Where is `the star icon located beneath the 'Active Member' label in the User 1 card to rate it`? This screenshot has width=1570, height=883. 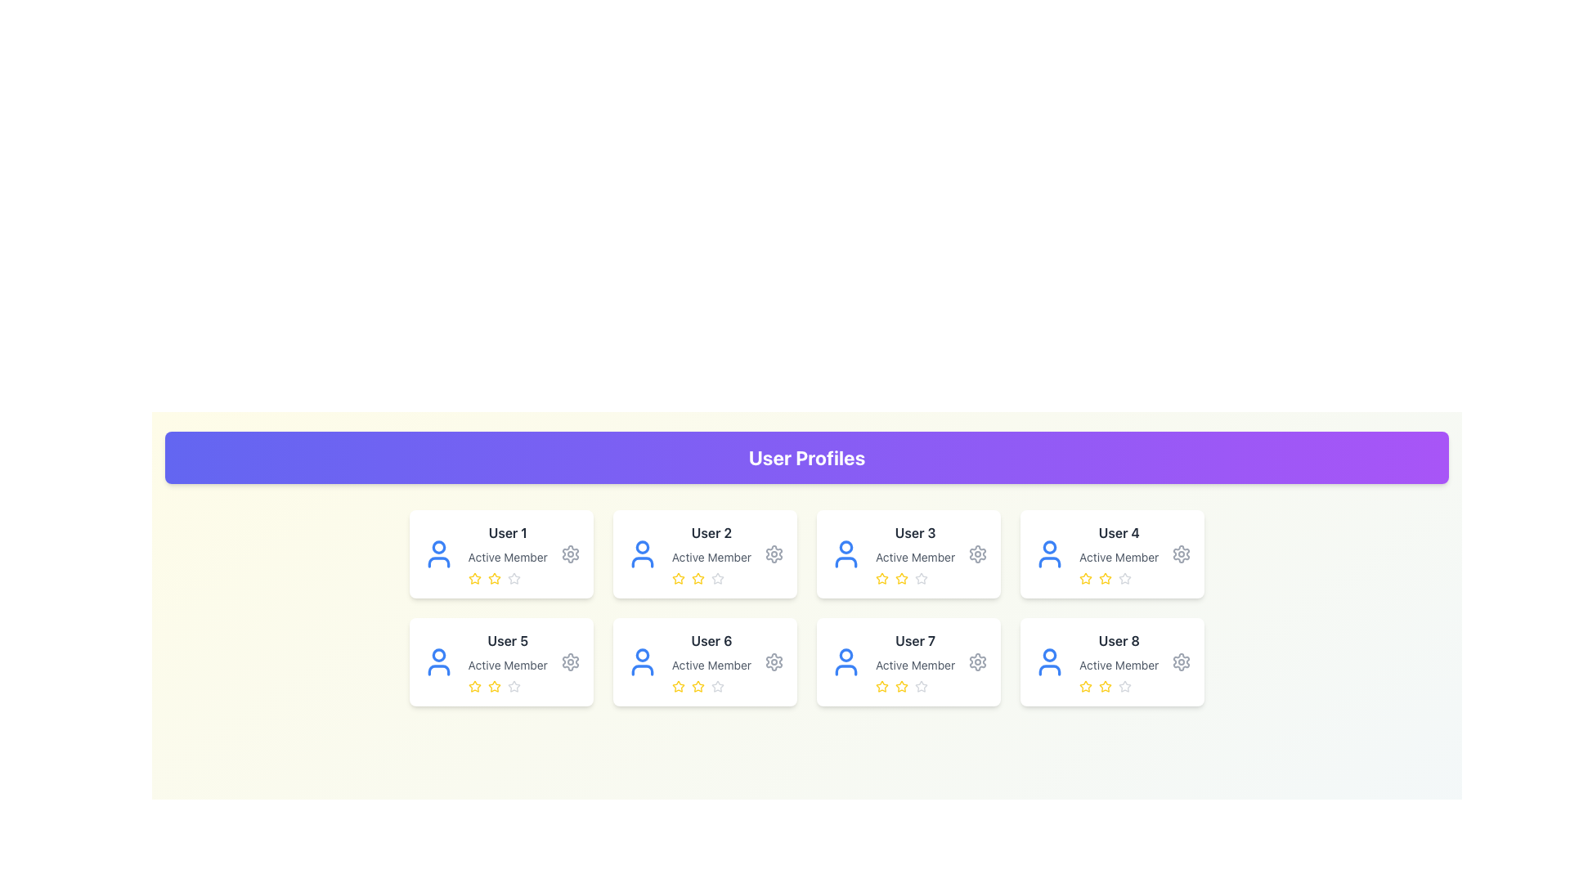 the star icon located beneath the 'Active Member' label in the User 1 card to rate it is located at coordinates (473, 577).